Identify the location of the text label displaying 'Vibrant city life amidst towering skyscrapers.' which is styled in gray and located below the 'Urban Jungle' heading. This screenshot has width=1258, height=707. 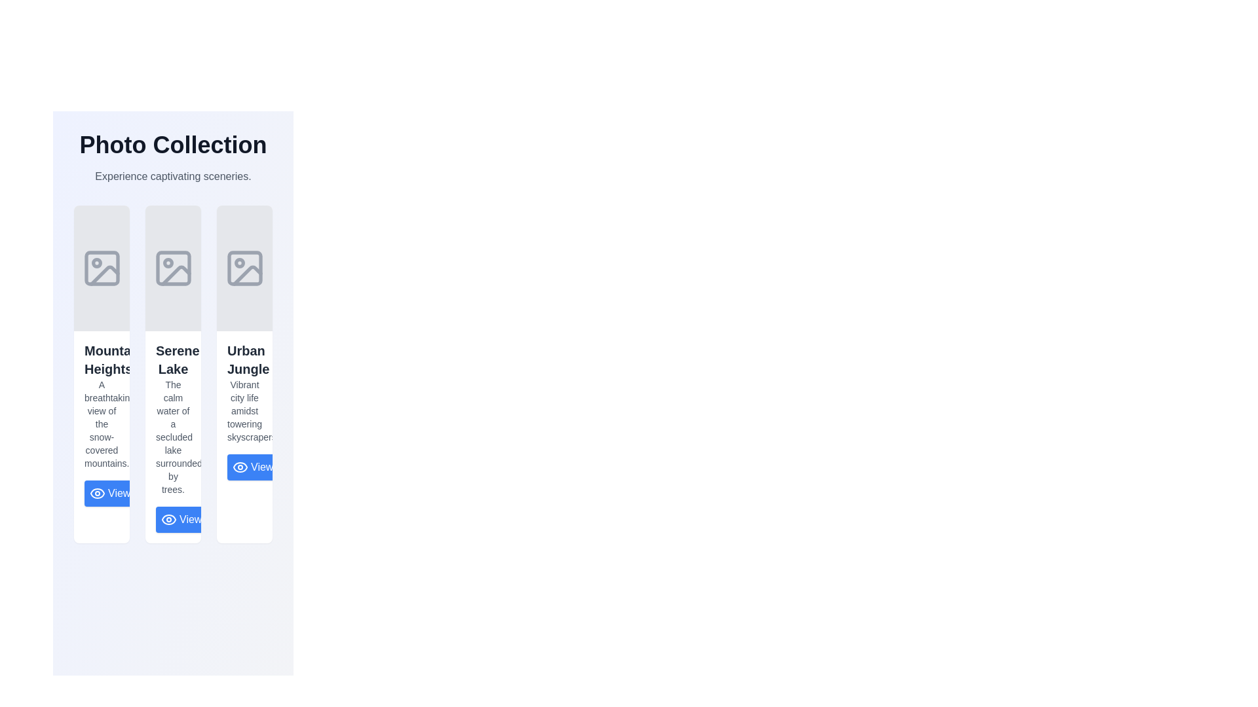
(244, 410).